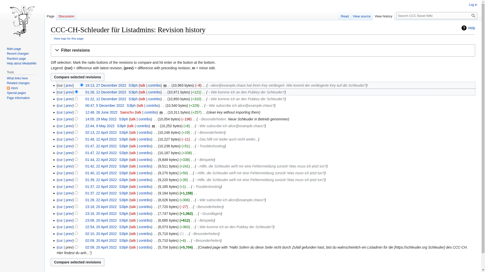 The height and width of the screenshot is (272, 485). What do you see at coordinates (66, 15) in the screenshot?
I see `'Discussion'` at bounding box center [66, 15].